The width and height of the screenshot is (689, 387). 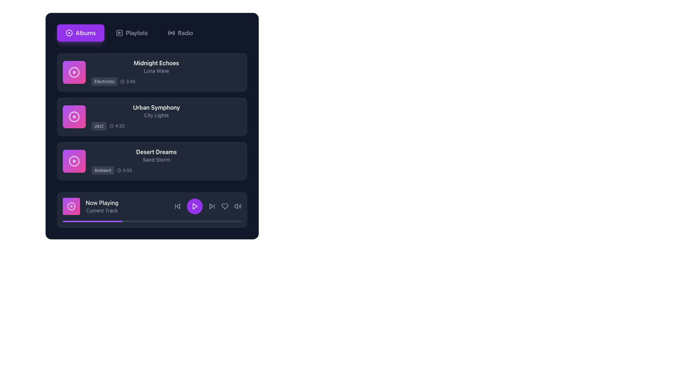 I want to click on the heart-shaped icon in the bottom 'Now Playing' section of the application interface to mark a track as favorite, so click(x=225, y=206).